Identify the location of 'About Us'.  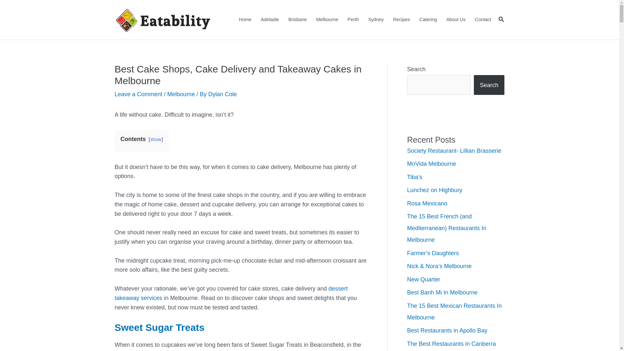
(455, 19).